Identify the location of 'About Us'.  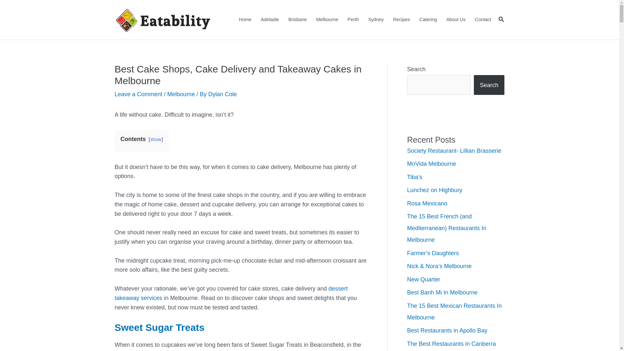
(455, 19).